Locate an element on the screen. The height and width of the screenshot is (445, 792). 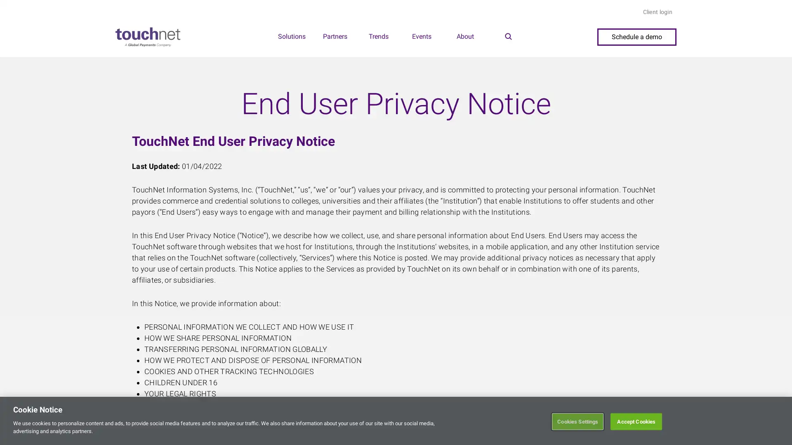
Accept Cookies is located at coordinates (636, 421).